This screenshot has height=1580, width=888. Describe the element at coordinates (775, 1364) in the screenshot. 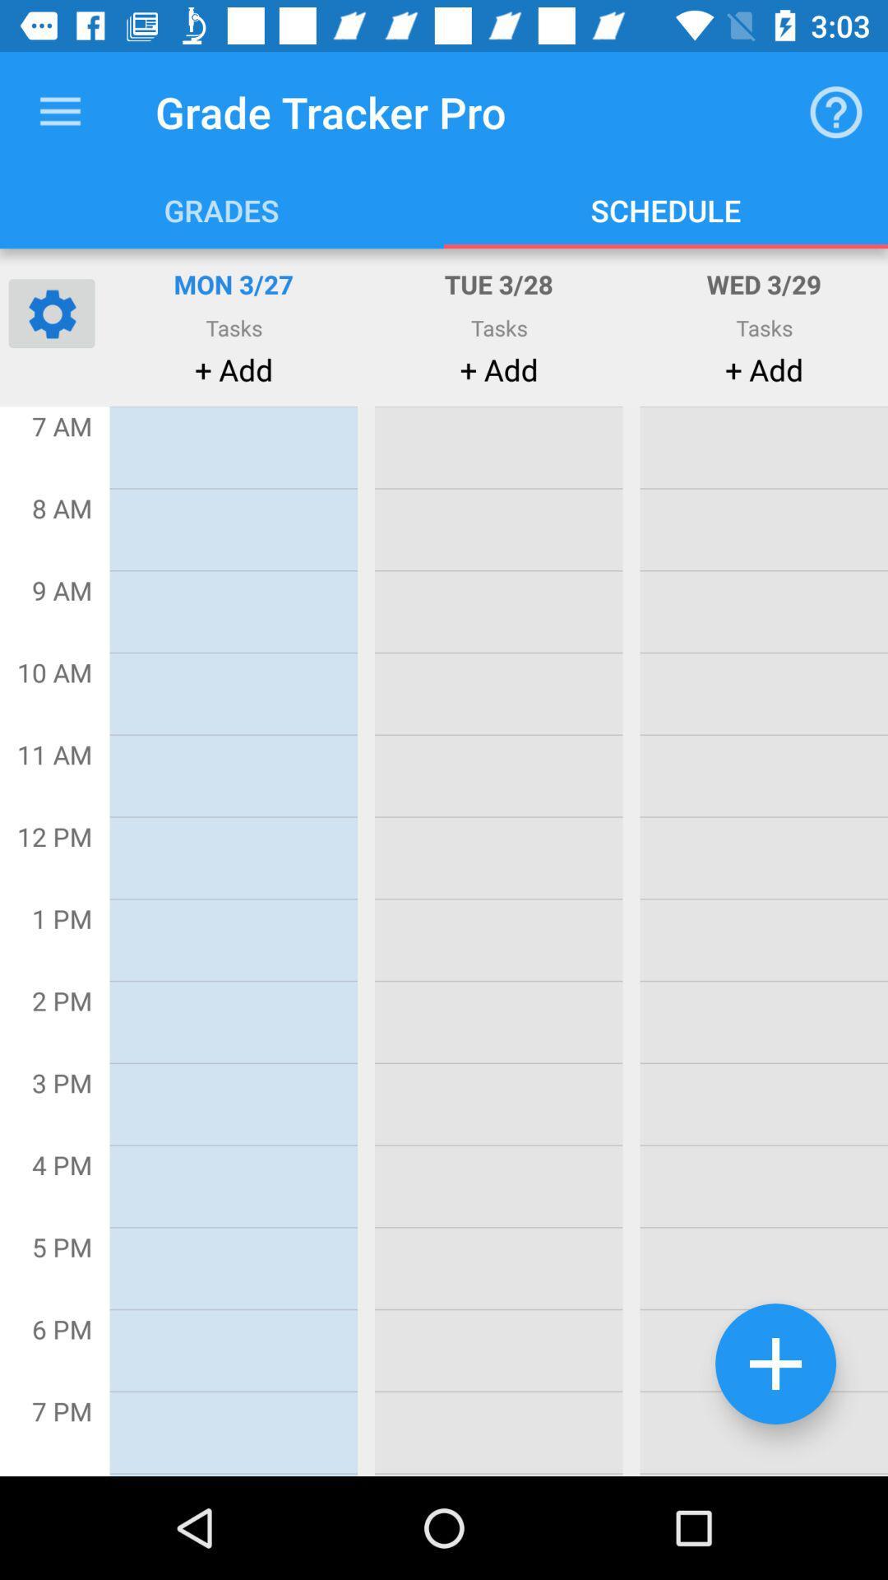

I see `option` at that location.